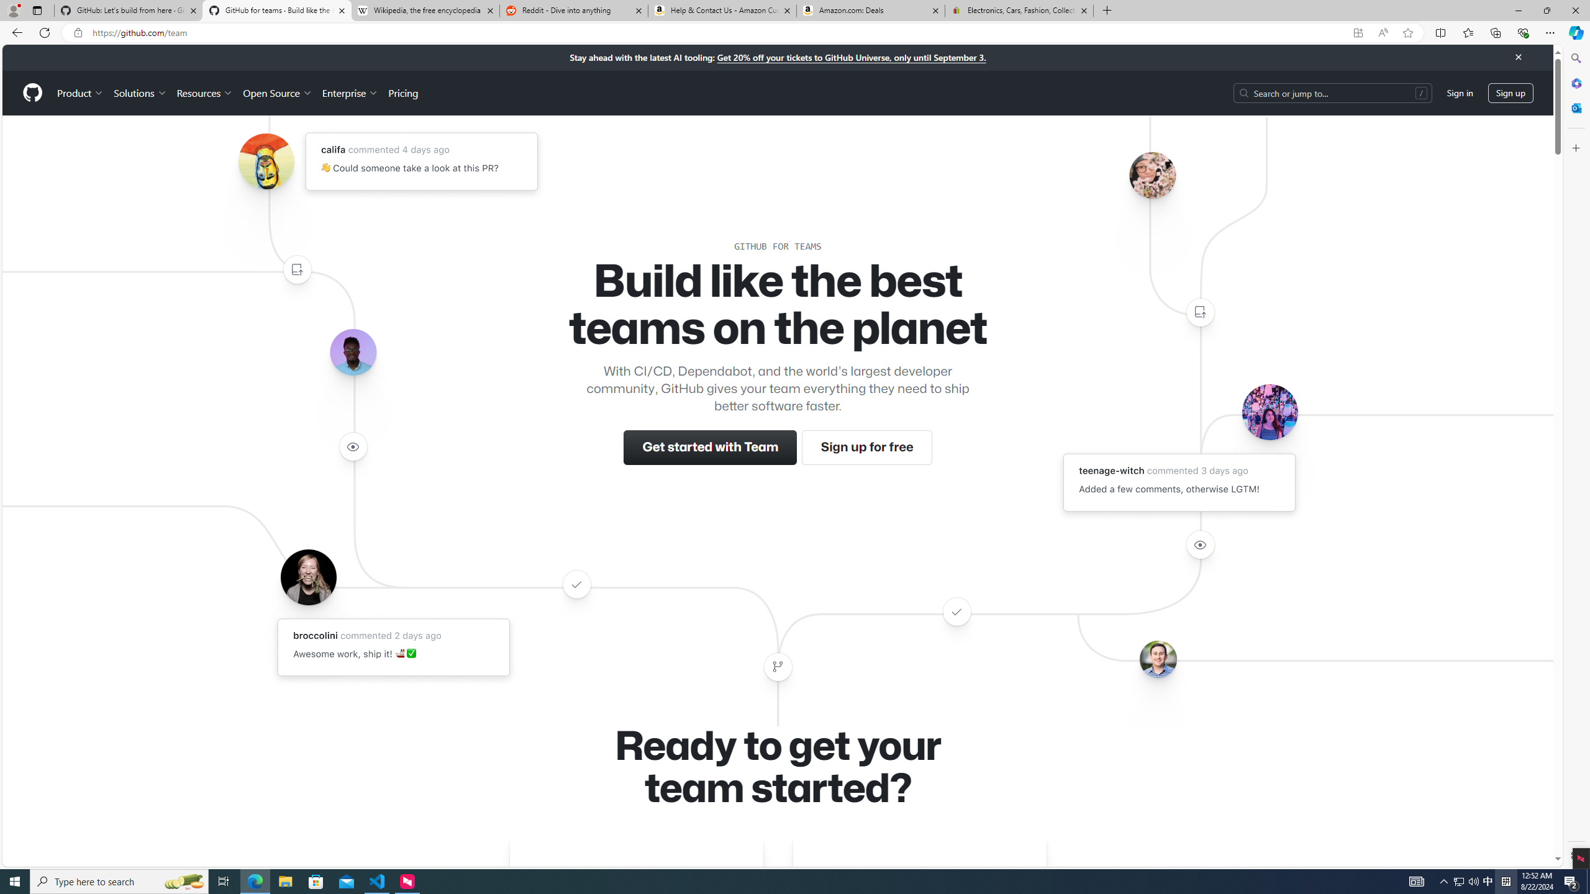 Image resolution: width=1590 pixels, height=894 pixels. What do you see at coordinates (81, 93) in the screenshot?
I see `'Product'` at bounding box center [81, 93].